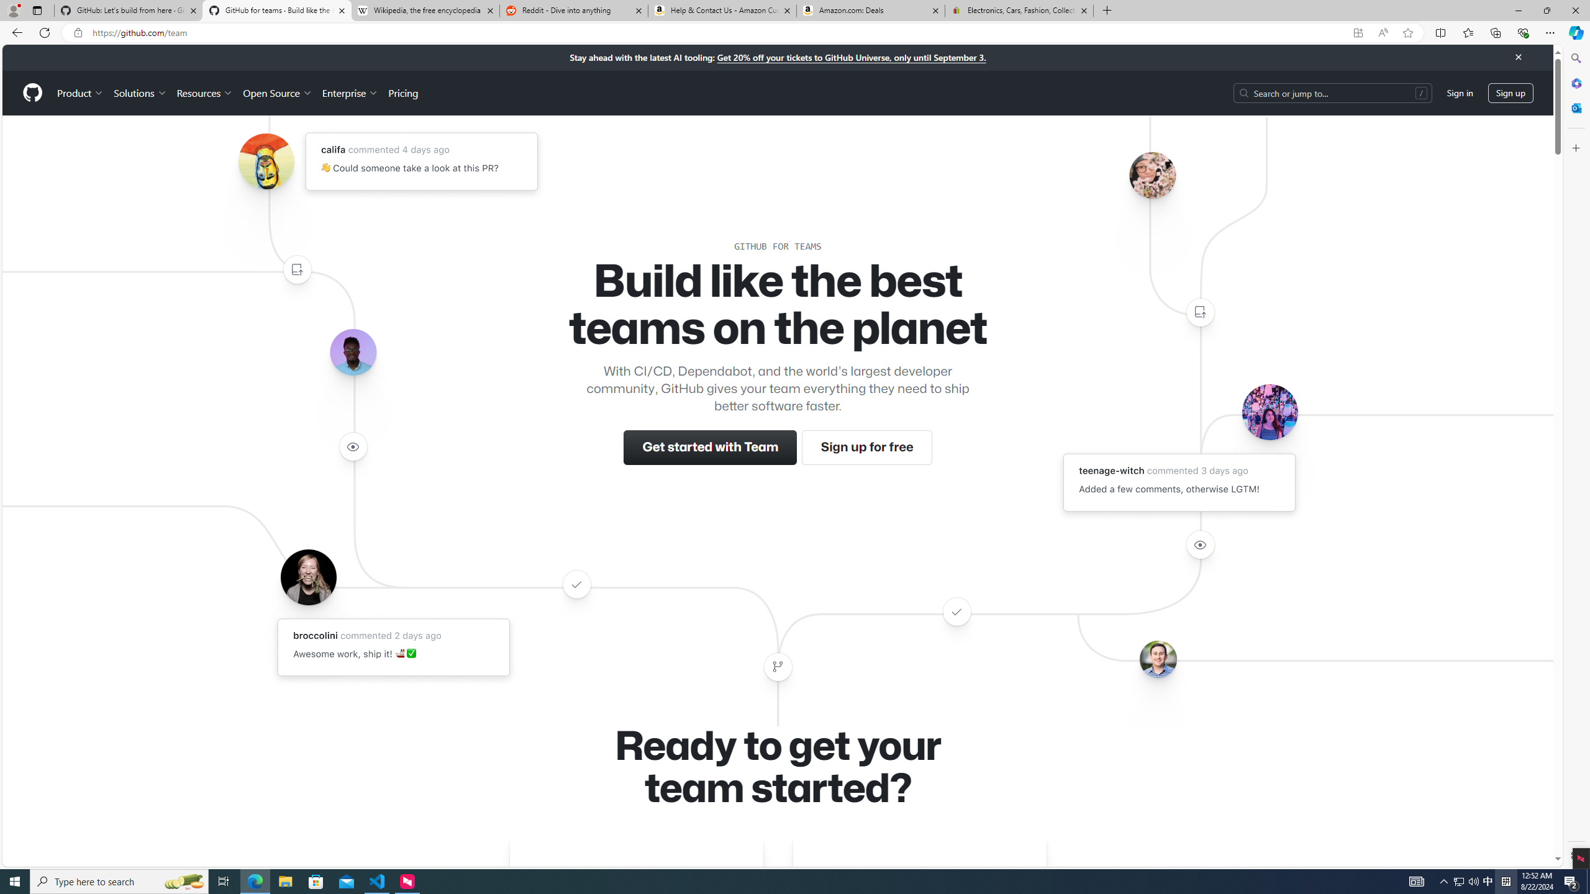 Image resolution: width=1590 pixels, height=894 pixels. What do you see at coordinates (81, 93) in the screenshot?
I see `'Product'` at bounding box center [81, 93].